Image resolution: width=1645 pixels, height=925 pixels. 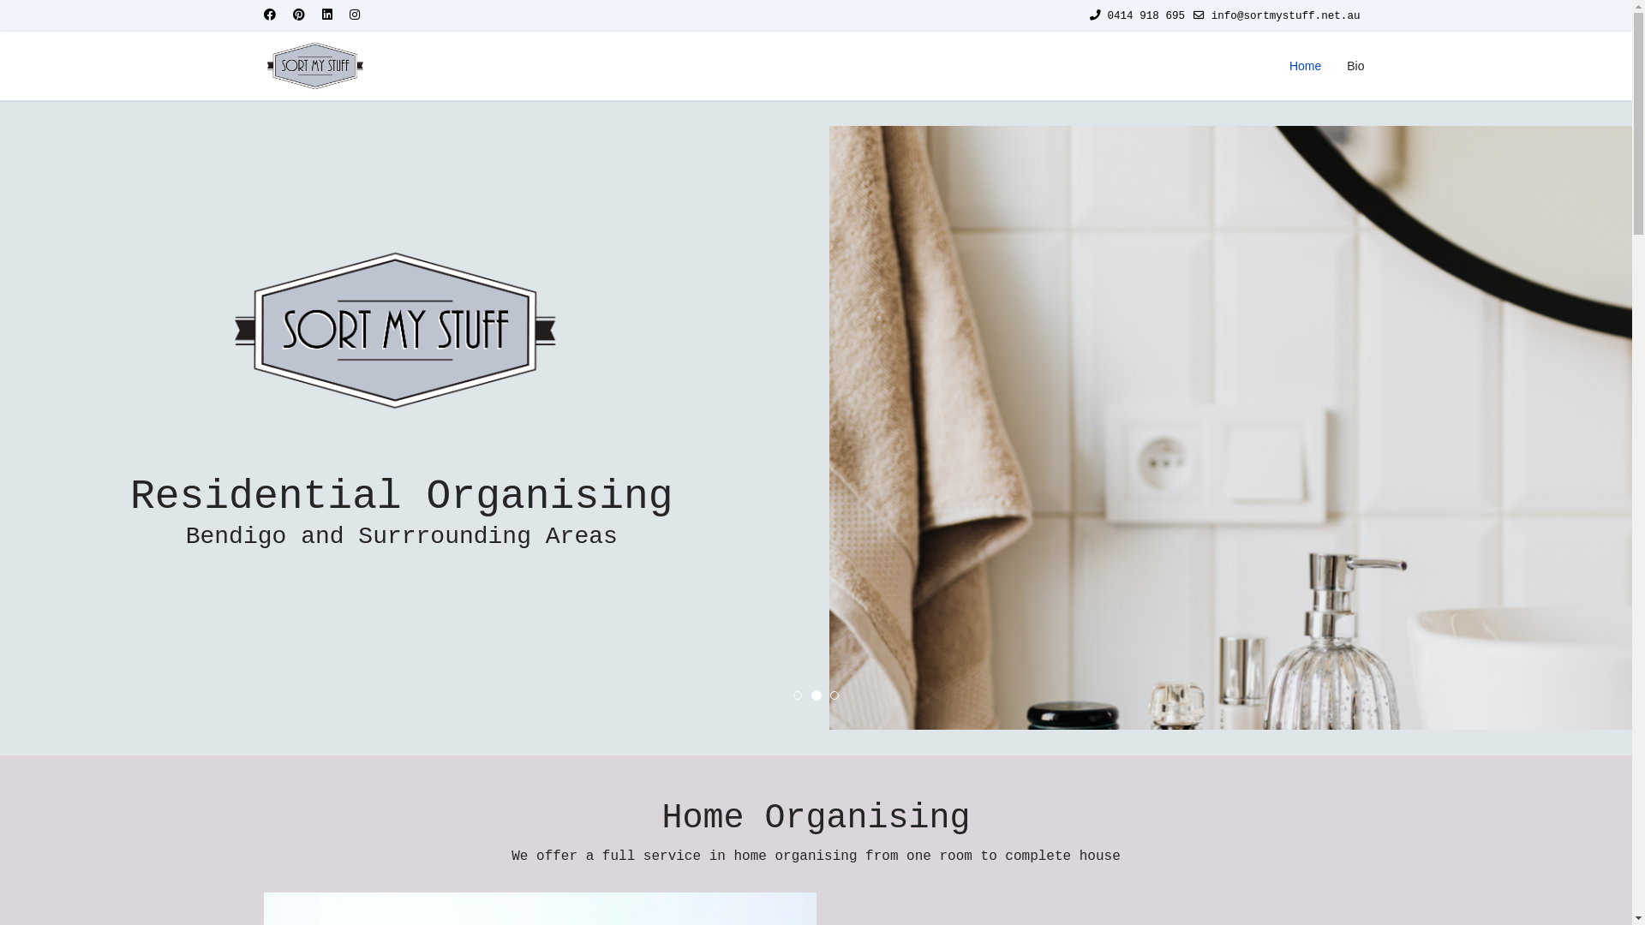 What do you see at coordinates (1286, 16) in the screenshot?
I see `'info@sortmystuff.net.au'` at bounding box center [1286, 16].